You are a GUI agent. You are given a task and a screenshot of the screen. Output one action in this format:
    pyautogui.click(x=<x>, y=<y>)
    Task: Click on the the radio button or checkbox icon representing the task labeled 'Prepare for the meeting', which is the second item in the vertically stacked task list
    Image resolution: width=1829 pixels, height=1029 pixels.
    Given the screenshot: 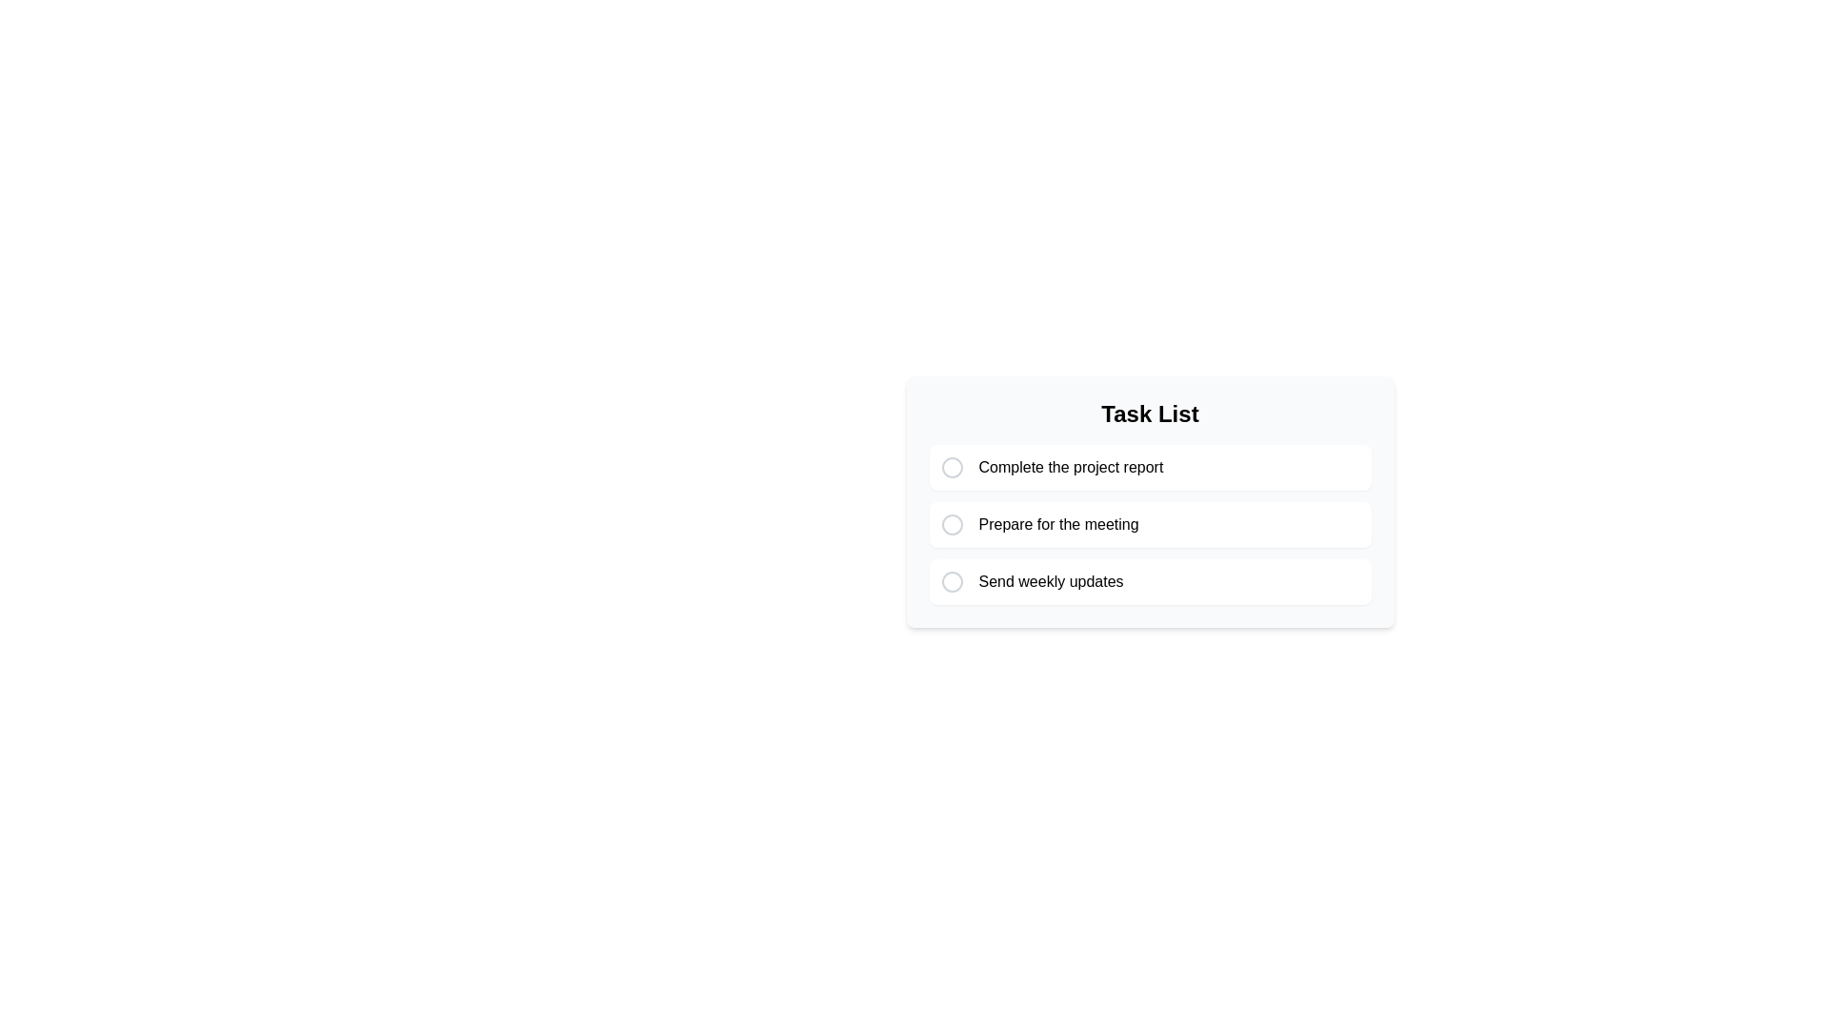 What is the action you would take?
    pyautogui.click(x=952, y=525)
    